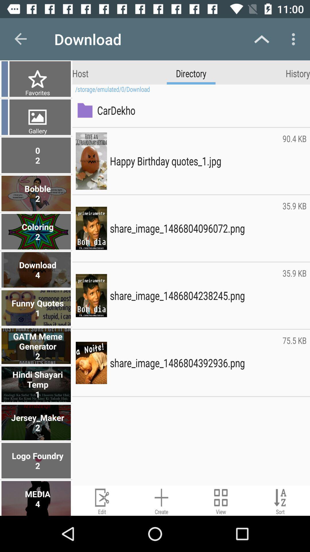  What do you see at coordinates (294, 161) in the screenshot?
I see `icon above 35.9 kb icon` at bounding box center [294, 161].